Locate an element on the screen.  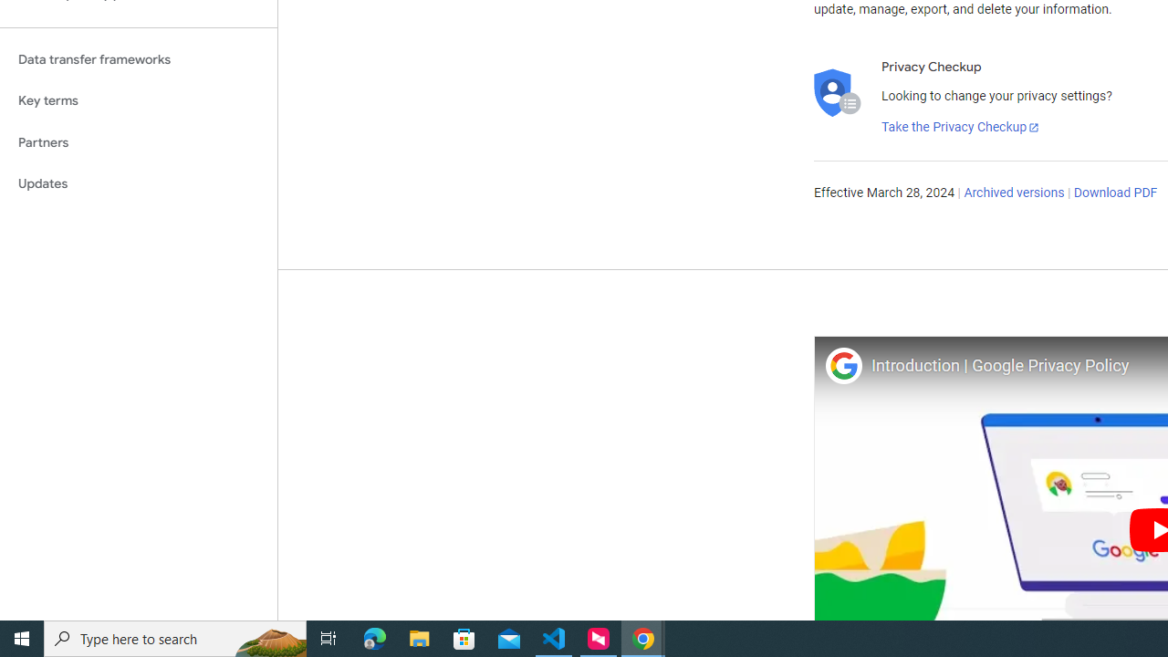
'Take the Privacy Checkup' is located at coordinates (960, 127).